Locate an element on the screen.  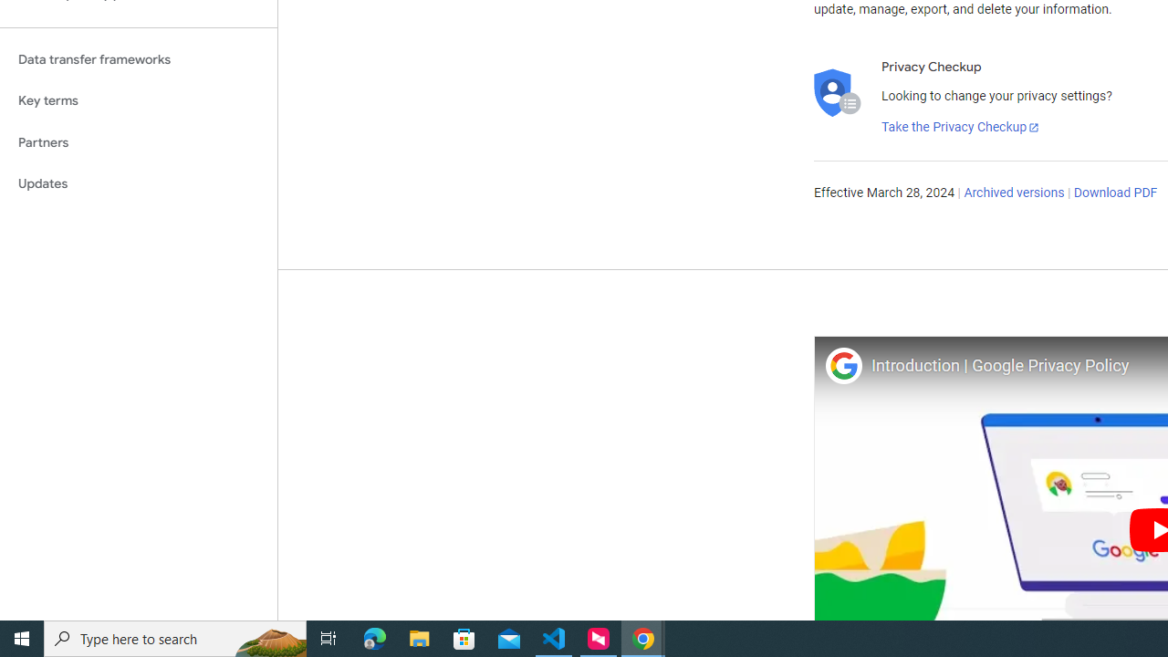
'Take the Privacy Checkup' is located at coordinates (960, 127).